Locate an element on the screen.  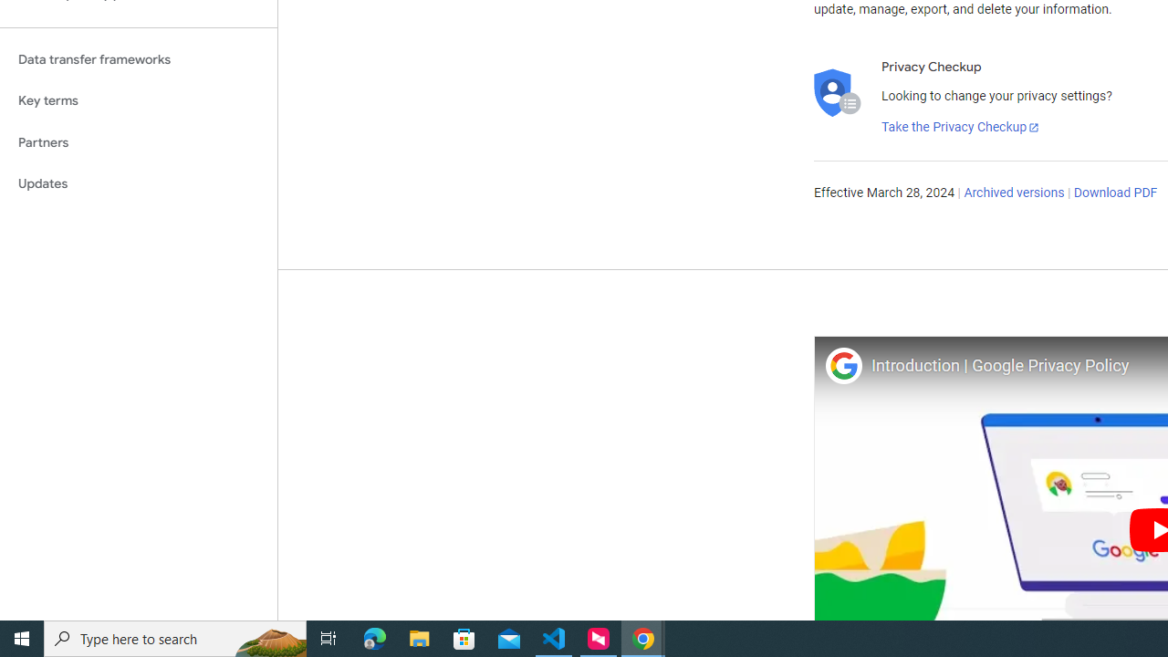
'Take the Privacy Checkup' is located at coordinates (960, 127).